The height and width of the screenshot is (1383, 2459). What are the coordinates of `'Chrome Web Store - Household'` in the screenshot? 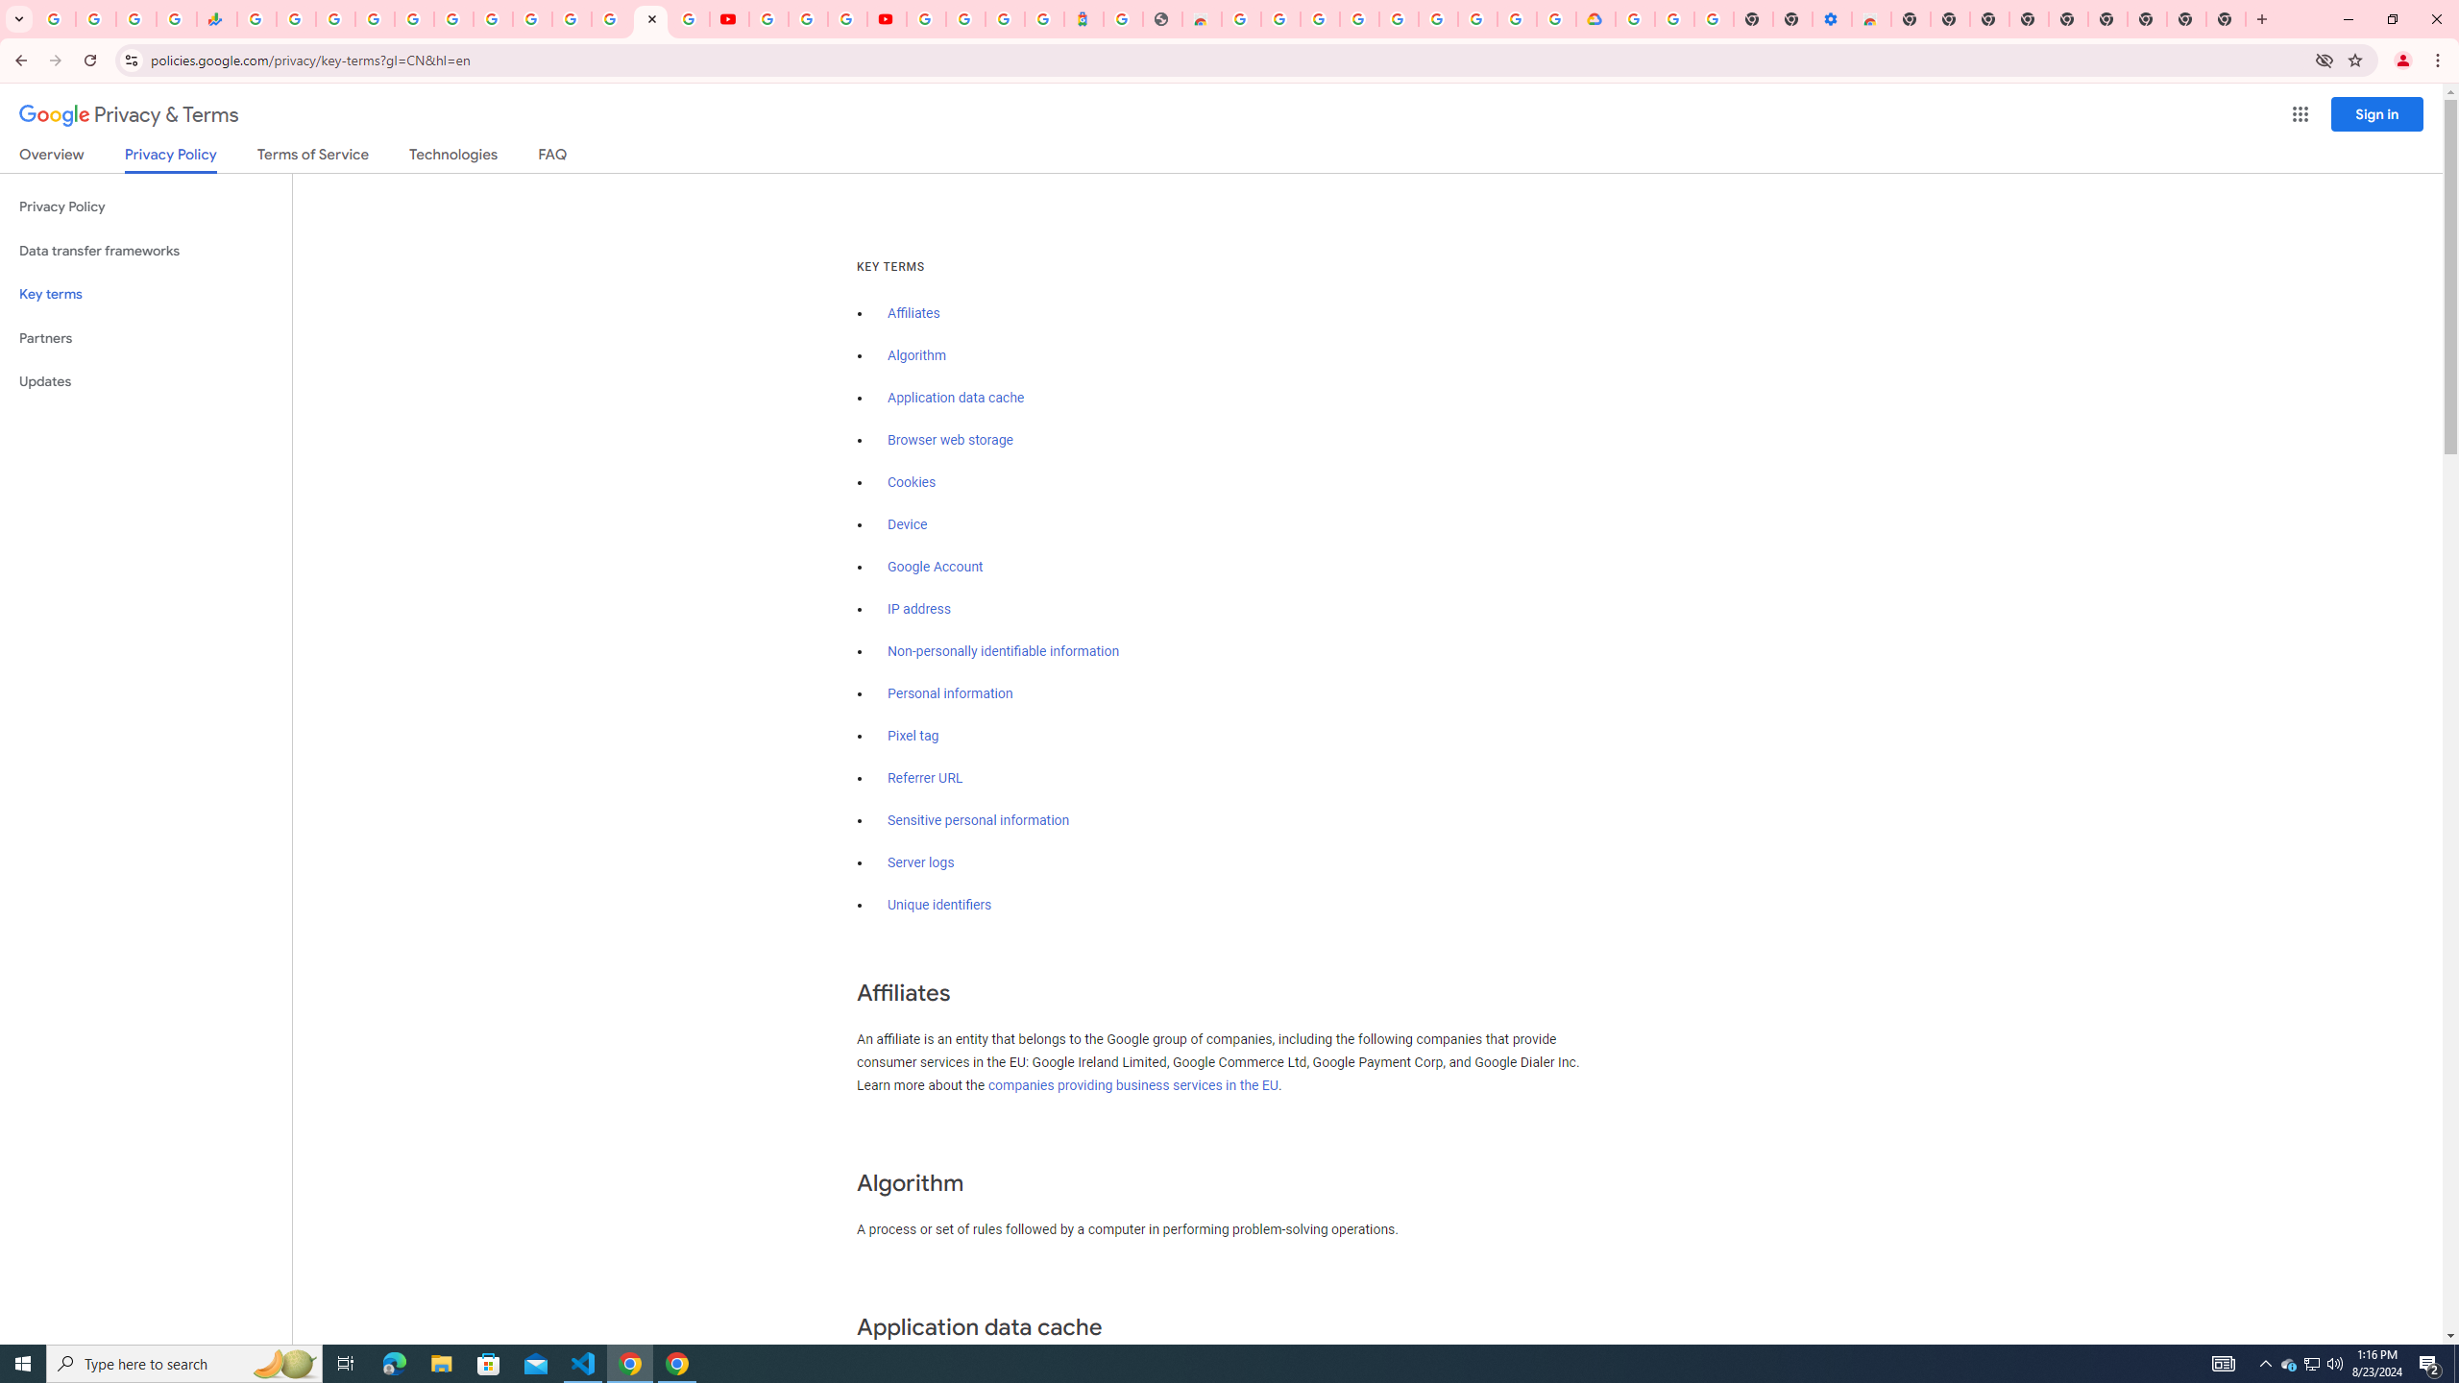 It's located at (1201, 18).